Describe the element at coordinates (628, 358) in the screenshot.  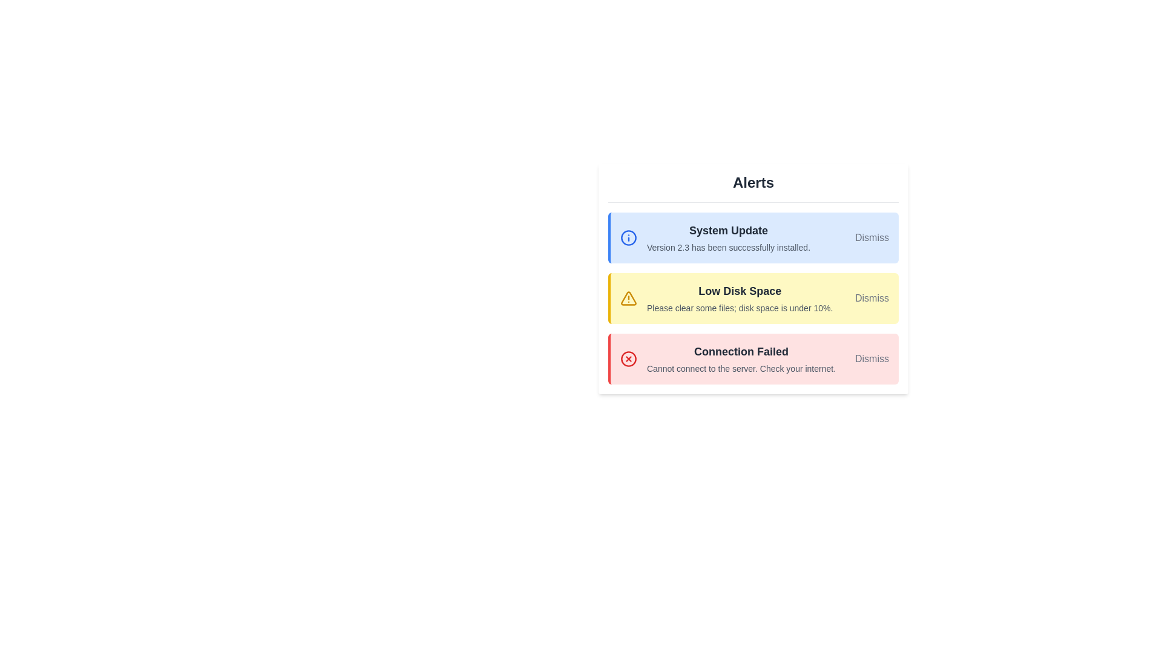
I see `the circular icon with a red border and a centered red 'X' symbol, which is located to the left of the 'Connection Failed' alert message box` at that location.